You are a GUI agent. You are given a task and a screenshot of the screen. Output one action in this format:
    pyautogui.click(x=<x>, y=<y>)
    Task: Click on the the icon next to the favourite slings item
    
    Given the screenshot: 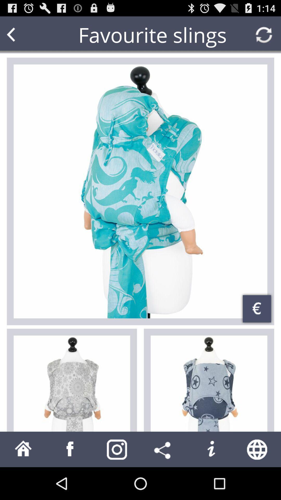 What is the action you would take?
    pyautogui.click(x=21, y=34)
    